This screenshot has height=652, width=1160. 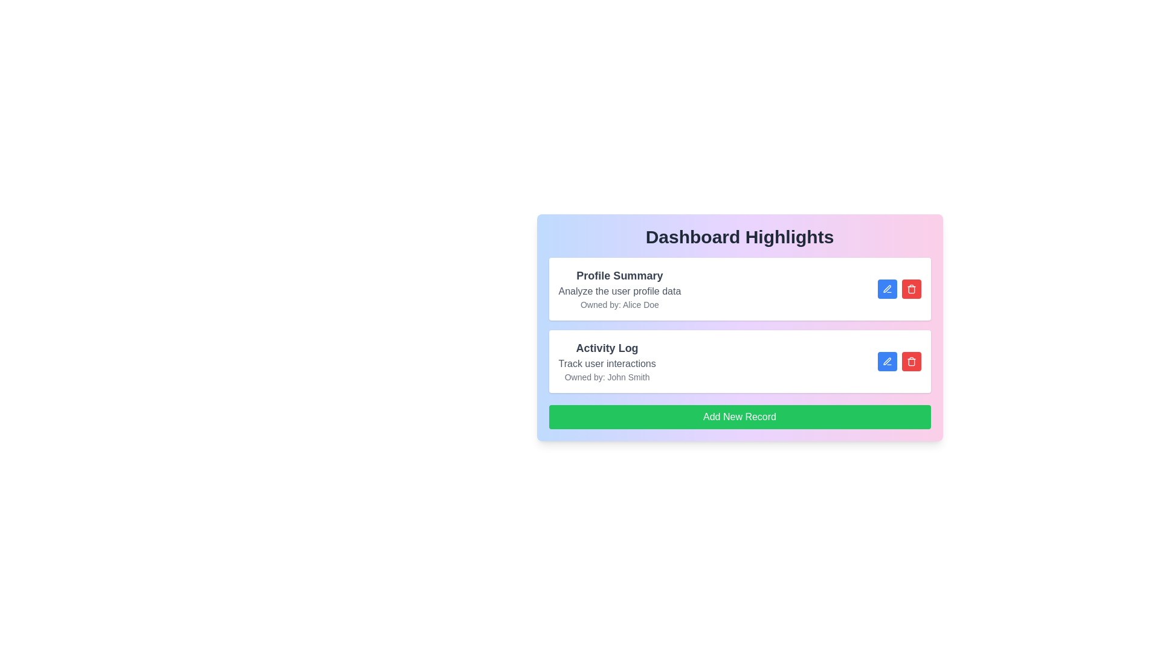 I want to click on the vertical rectangular button with rounded corners located in the second row on the right-hand side of the 'Activity Log' item, so click(x=911, y=290).